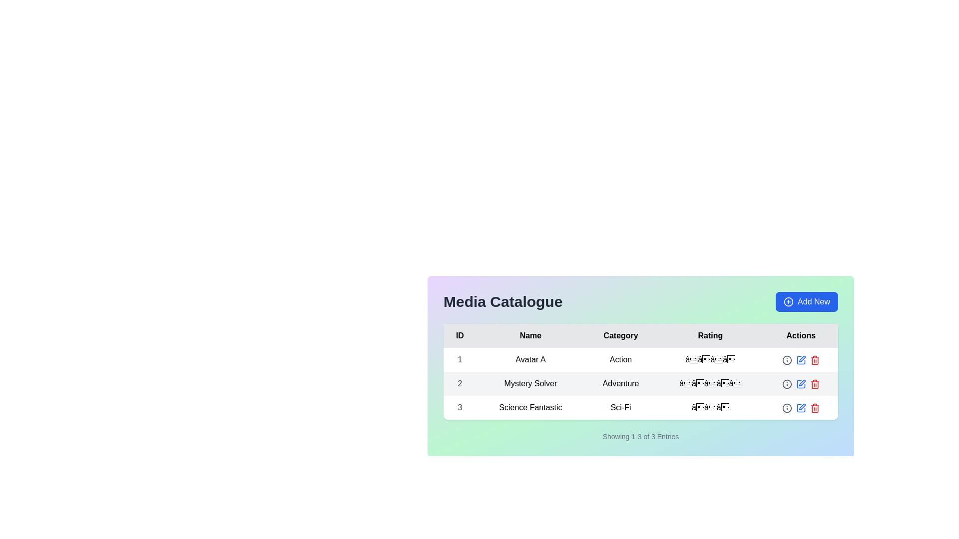 The width and height of the screenshot is (959, 539). Describe the element at coordinates (640, 436) in the screenshot. I see `the text label displaying pagination information that says 'Showing 1-3 of 3 Entries', located below the main data table` at that location.